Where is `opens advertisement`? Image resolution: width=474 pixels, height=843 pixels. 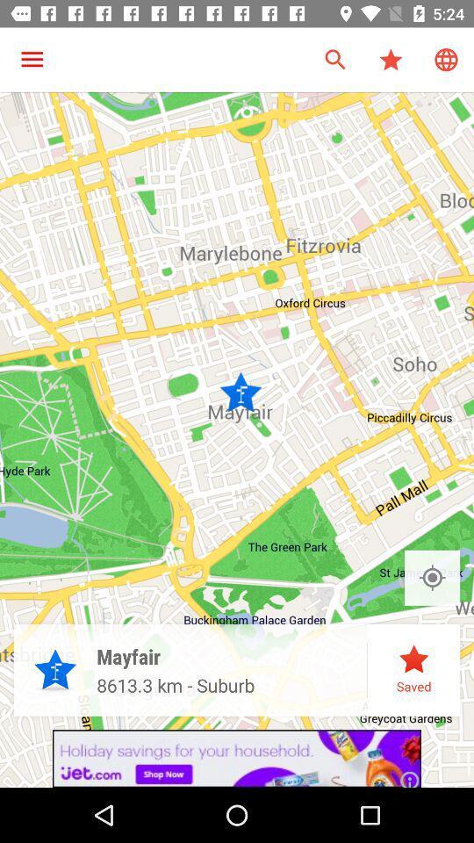 opens advertisement is located at coordinates (237, 758).